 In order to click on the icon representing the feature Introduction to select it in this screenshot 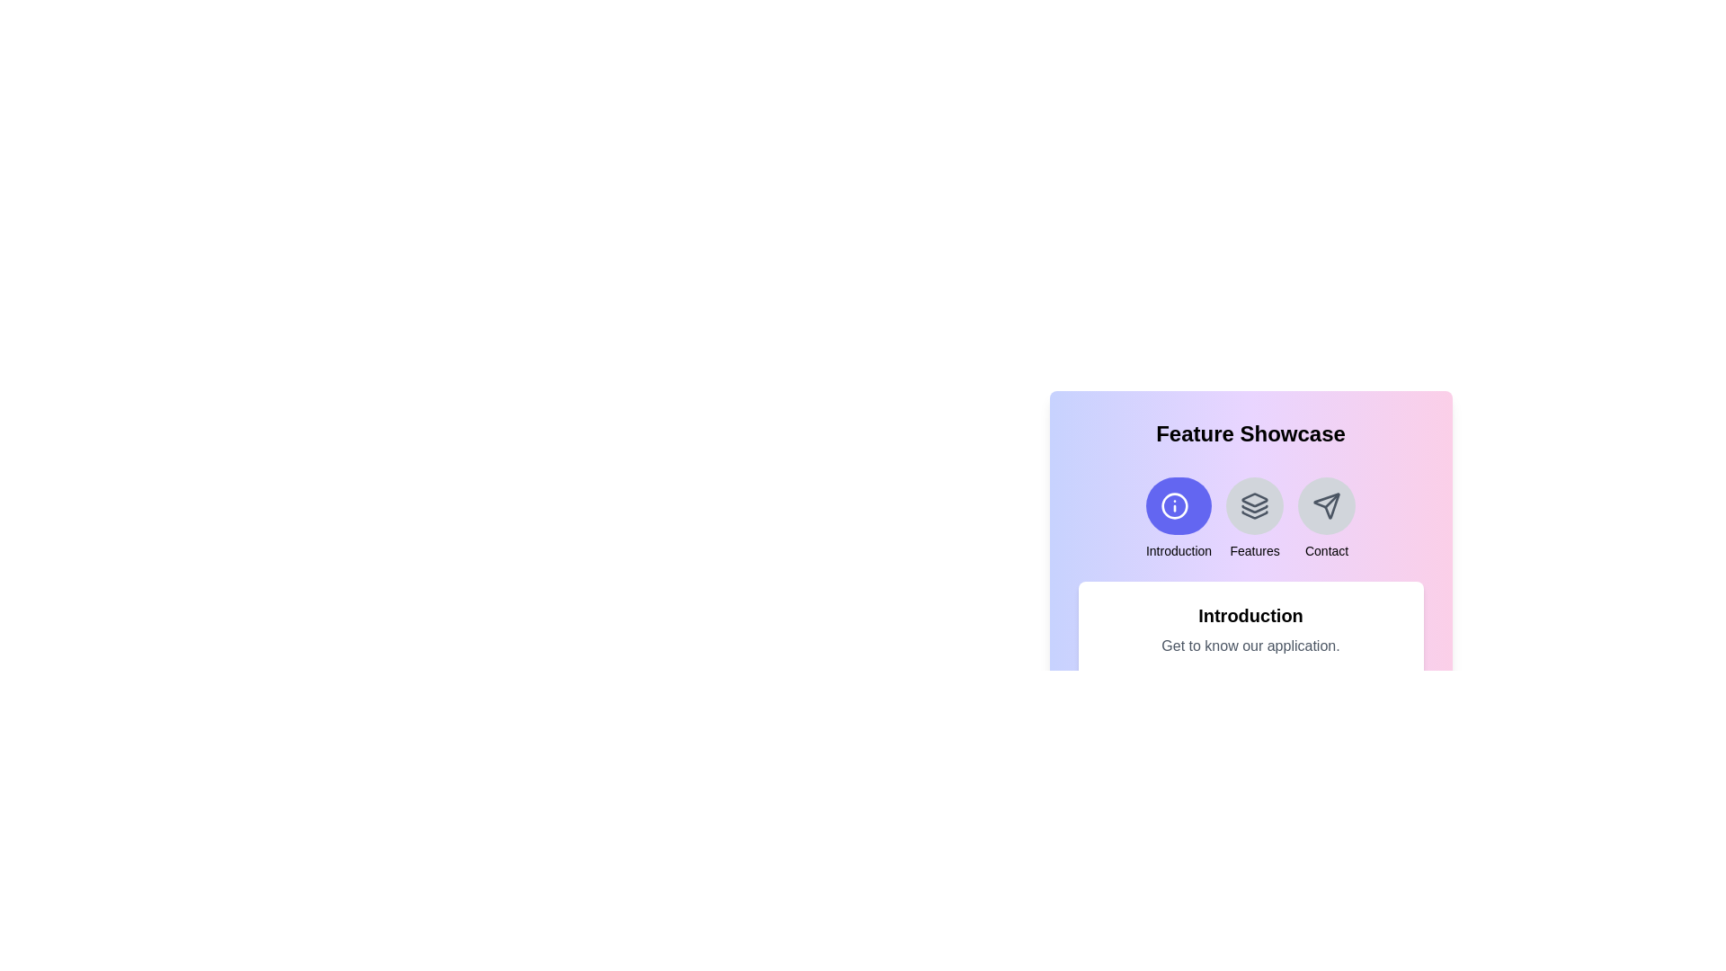, I will do `click(1179, 506)`.